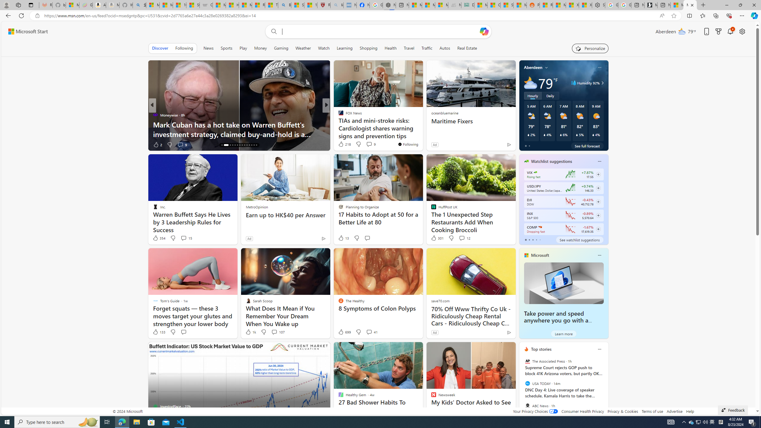 This screenshot has width=761, height=428. Describe the element at coordinates (256, 145) in the screenshot. I see `'AutomationID: tab-28'` at that location.